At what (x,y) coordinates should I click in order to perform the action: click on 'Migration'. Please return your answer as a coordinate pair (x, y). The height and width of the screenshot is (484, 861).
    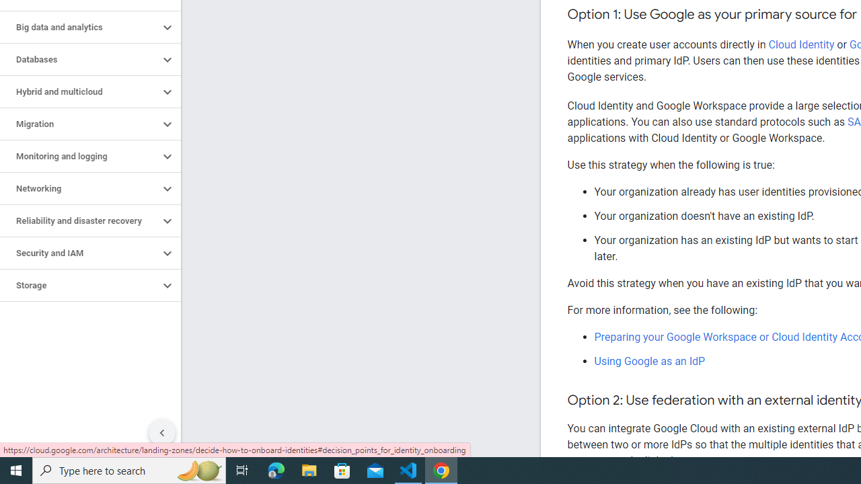
    Looking at the image, I should click on (79, 124).